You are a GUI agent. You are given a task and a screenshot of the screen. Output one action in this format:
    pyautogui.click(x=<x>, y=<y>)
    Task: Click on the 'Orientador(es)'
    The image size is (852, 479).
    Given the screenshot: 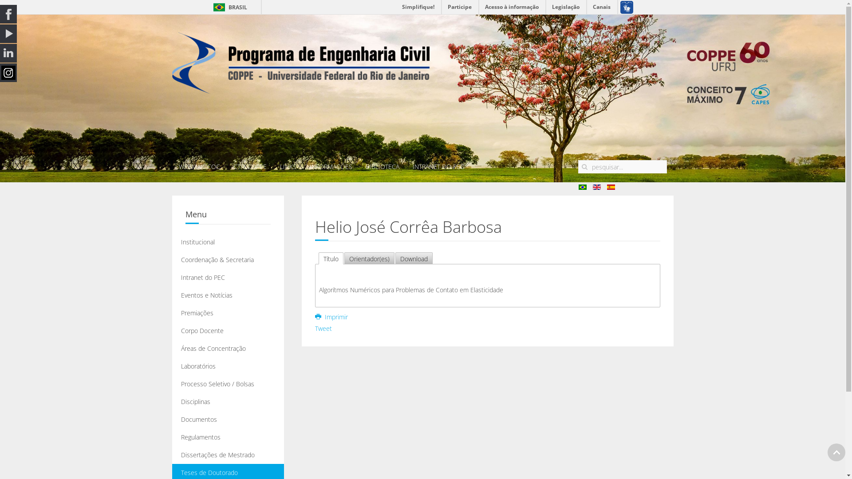 What is the action you would take?
    pyautogui.click(x=369, y=258)
    